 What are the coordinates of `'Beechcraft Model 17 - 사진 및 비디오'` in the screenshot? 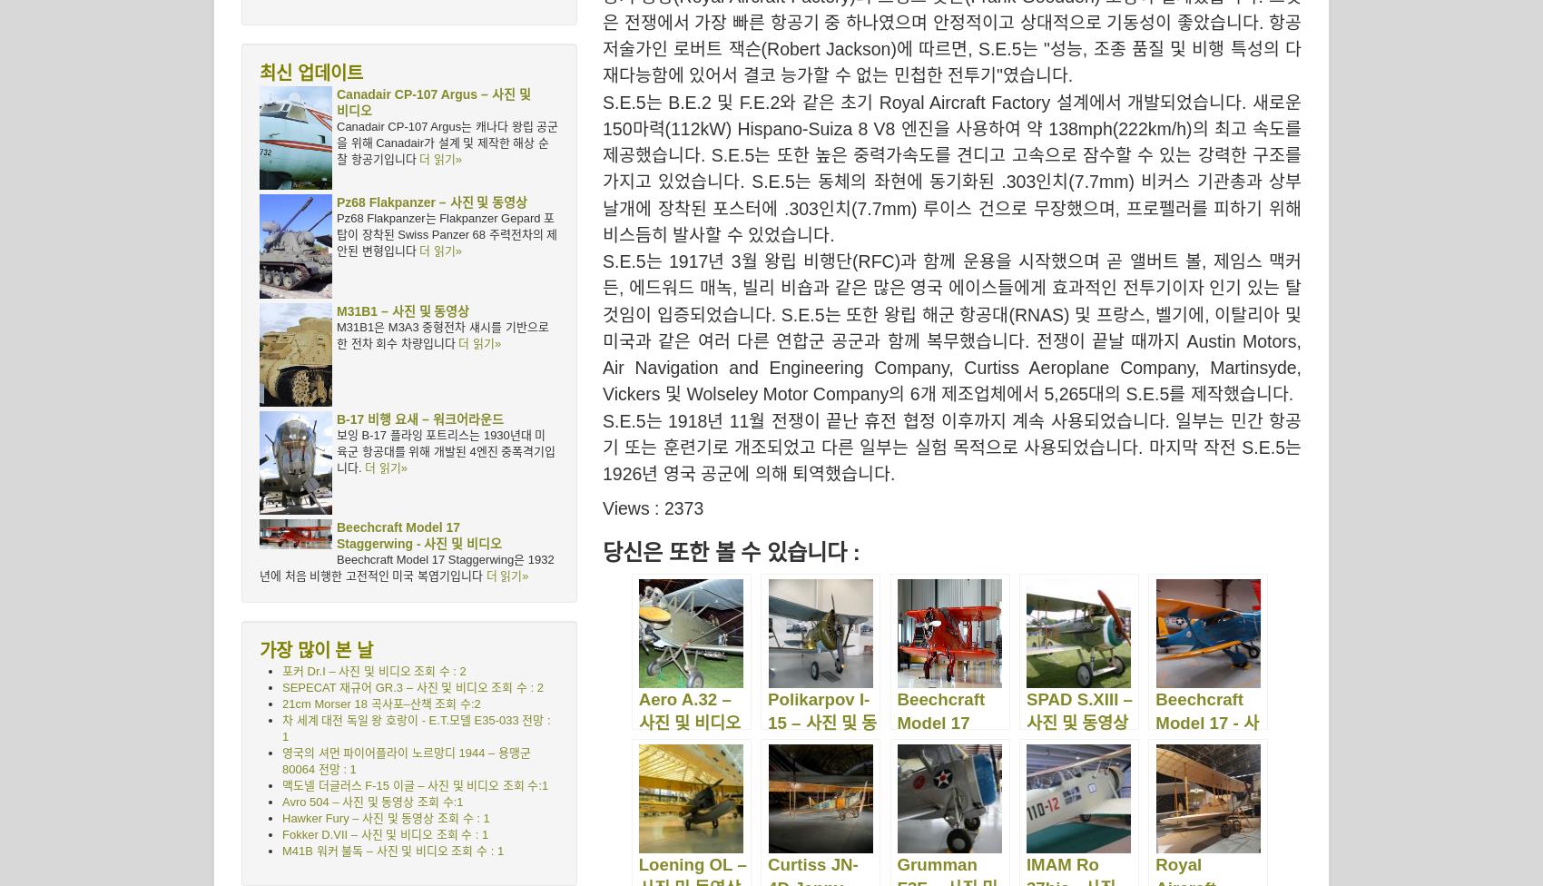 It's located at (1207, 723).